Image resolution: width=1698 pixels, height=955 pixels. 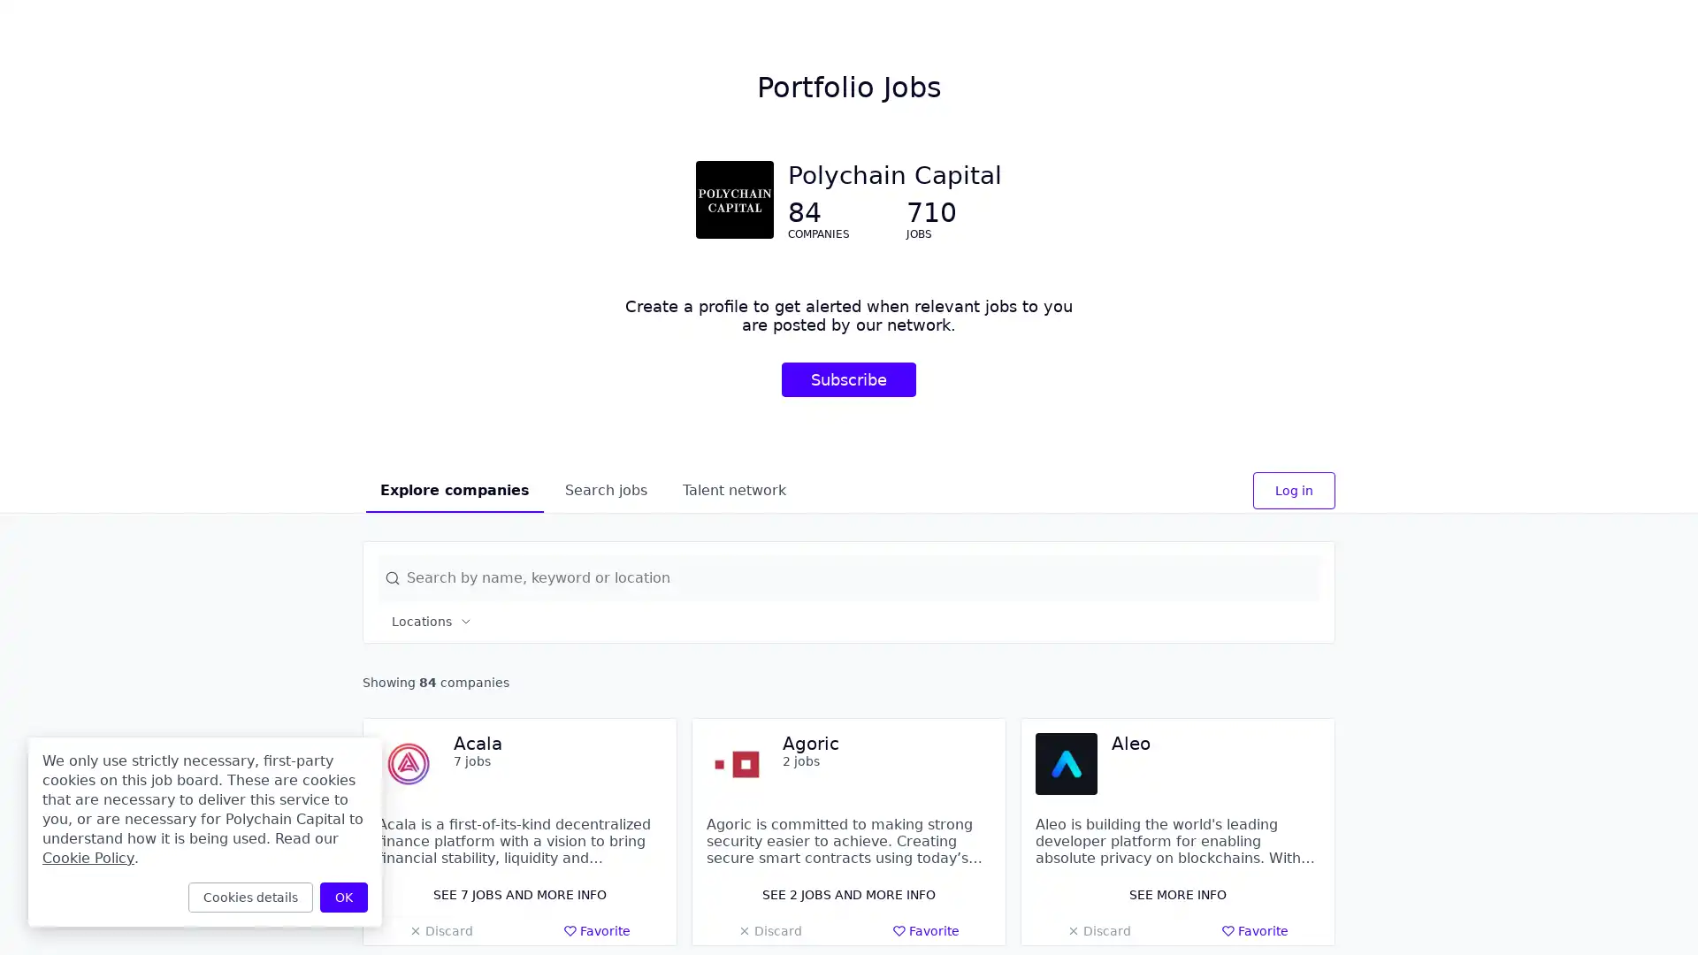 What do you see at coordinates (597, 930) in the screenshot?
I see `Favorite` at bounding box center [597, 930].